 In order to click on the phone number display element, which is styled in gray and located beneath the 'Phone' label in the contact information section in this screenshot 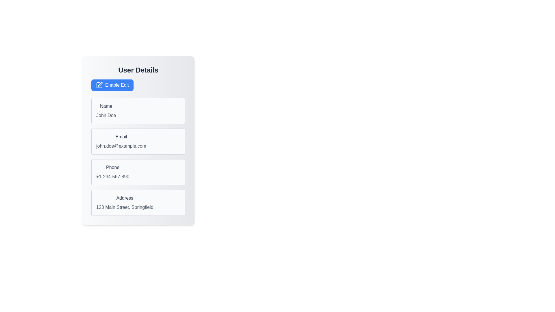, I will do `click(113, 177)`.